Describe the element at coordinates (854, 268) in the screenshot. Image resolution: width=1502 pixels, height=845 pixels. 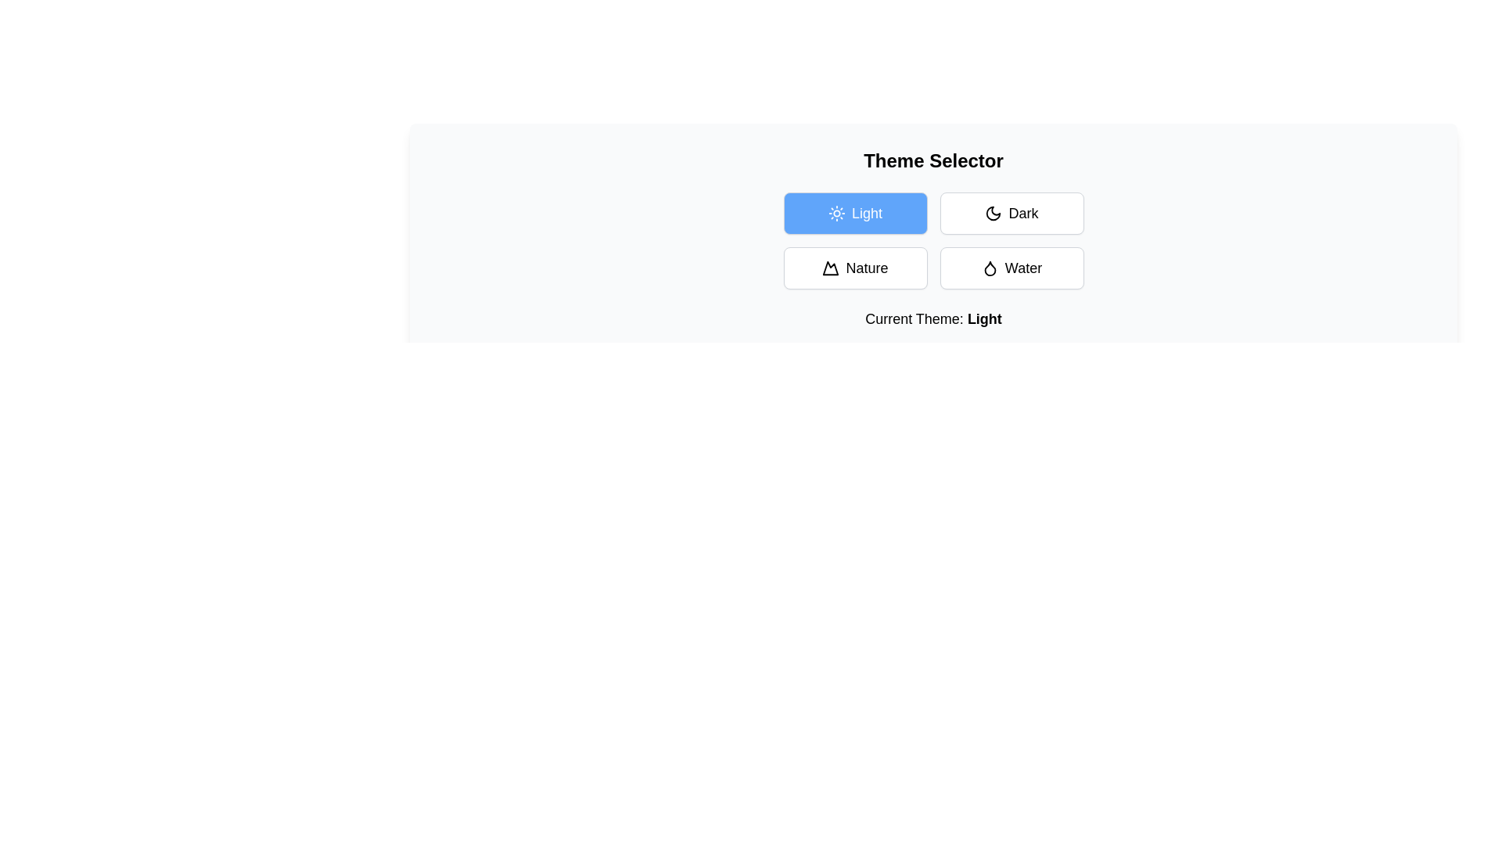
I see `the 'Nature' button, which is located in the lower row, second column of the grid layout` at that location.